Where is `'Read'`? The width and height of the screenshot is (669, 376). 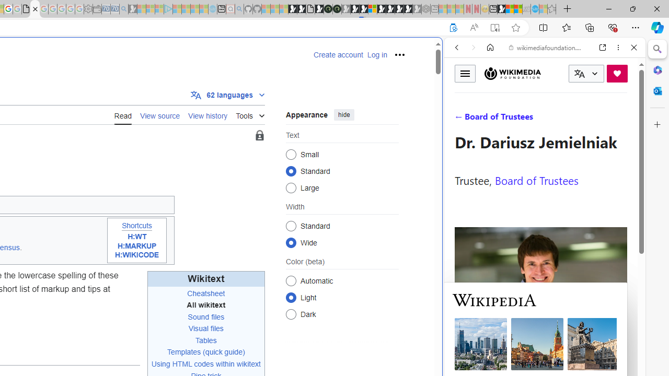
'Read' is located at coordinates (123, 114).